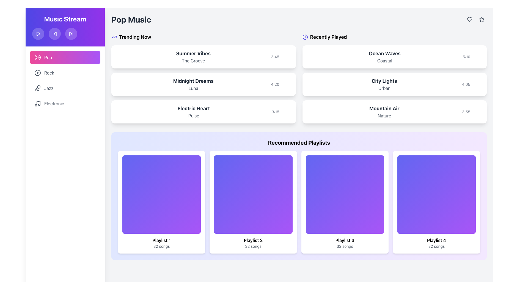 This screenshot has height=297, width=528. What do you see at coordinates (253, 240) in the screenshot?
I see `the static text label displaying 'Playlist 2', which is located below the gradient-styled square image in the 'Recommended Playlists' section` at bounding box center [253, 240].